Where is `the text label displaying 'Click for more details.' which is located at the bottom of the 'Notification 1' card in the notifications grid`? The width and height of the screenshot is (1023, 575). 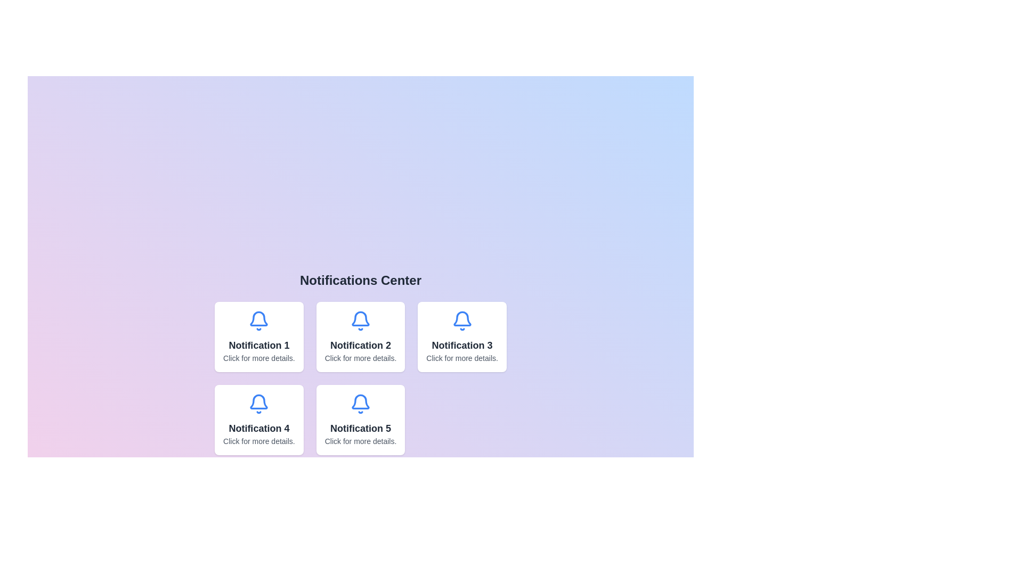
the text label displaying 'Click for more details.' which is located at the bottom of the 'Notification 1' card in the notifications grid is located at coordinates (259, 358).